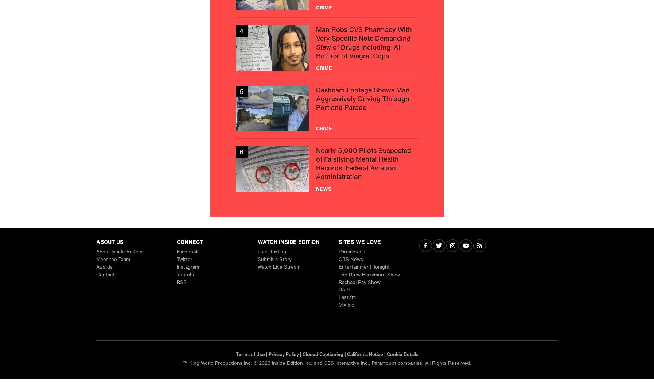 The image size is (654, 383). What do you see at coordinates (324, 354) in the screenshot?
I see `'Closed Captioning |'` at bounding box center [324, 354].